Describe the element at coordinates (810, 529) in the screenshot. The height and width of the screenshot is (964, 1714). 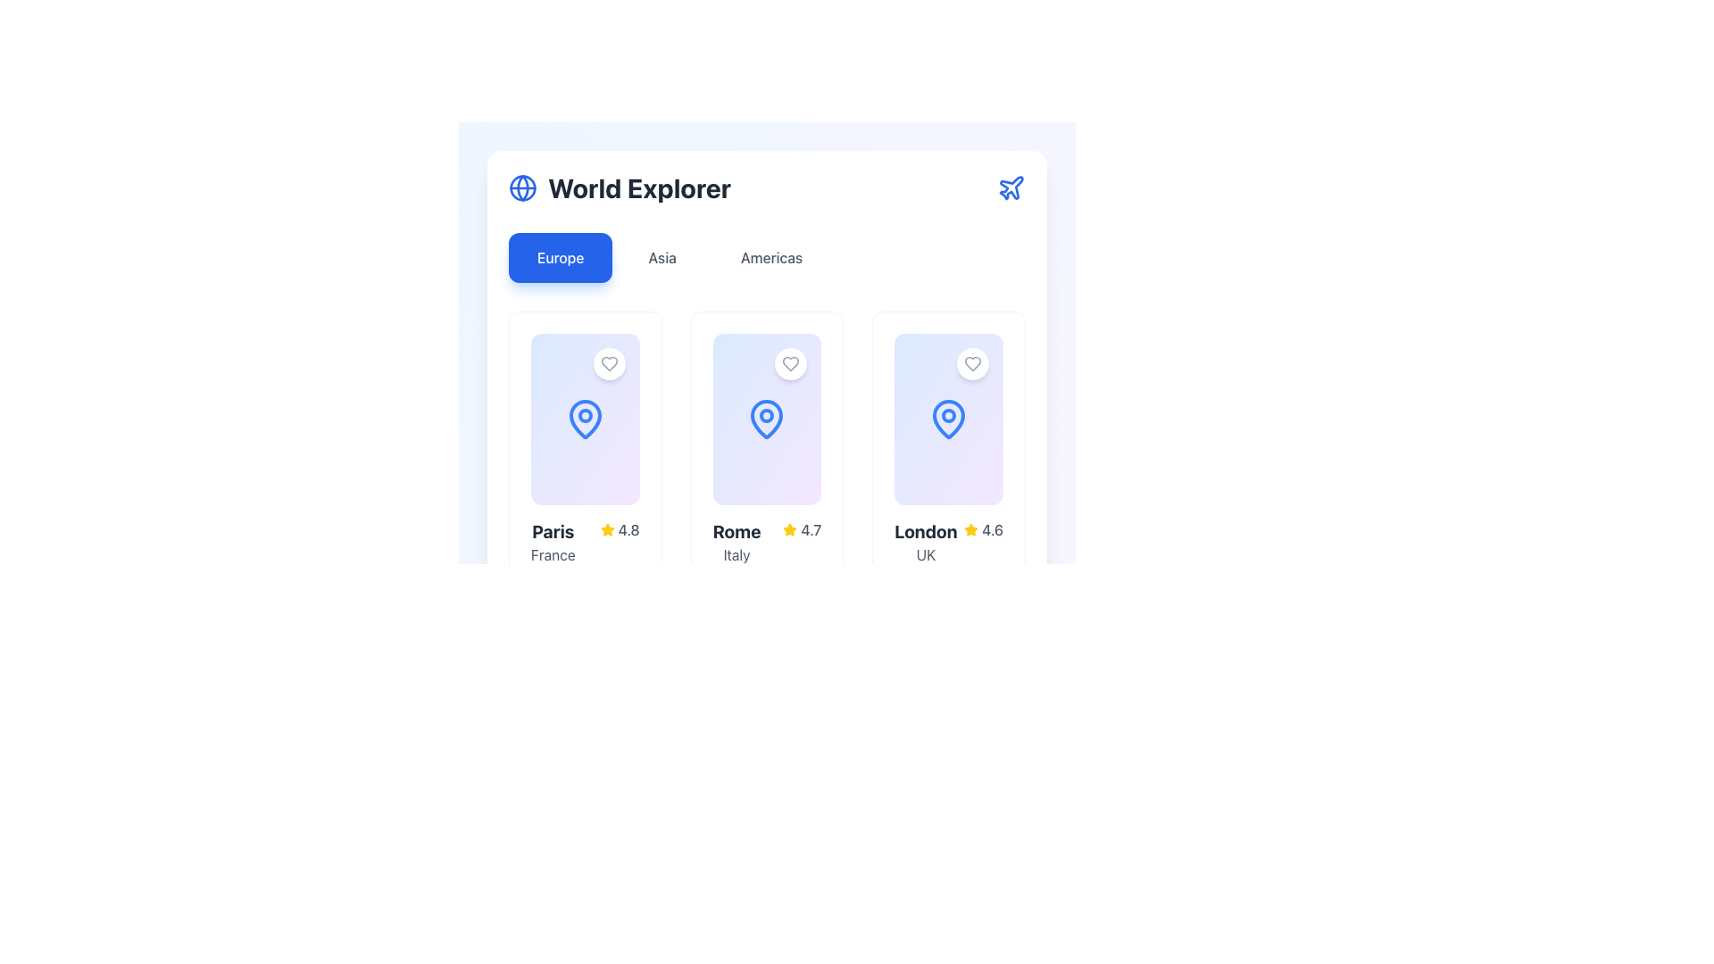
I see `the rating text label indicating the score or quality of the 'Rome' card, which is located in the middle of a row of three cards and has a yellow star icon to its left` at that location.